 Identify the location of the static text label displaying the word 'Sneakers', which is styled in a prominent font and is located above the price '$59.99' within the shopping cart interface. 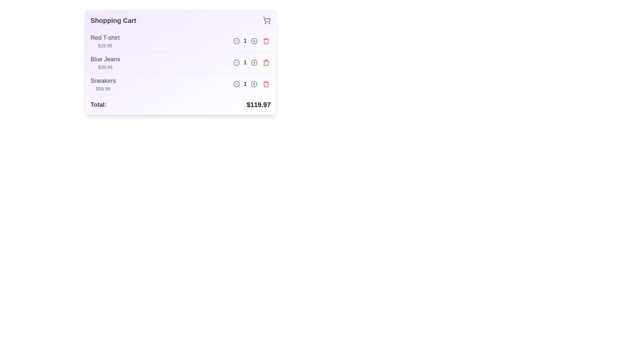
(103, 80).